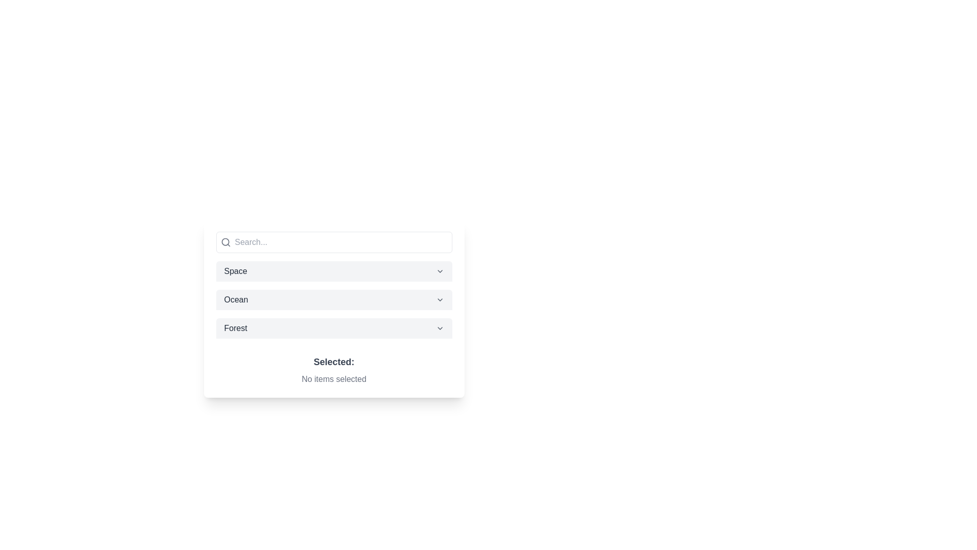  I want to click on the dropdown indicator located to the far right of the 'Space' text, so click(440, 270).